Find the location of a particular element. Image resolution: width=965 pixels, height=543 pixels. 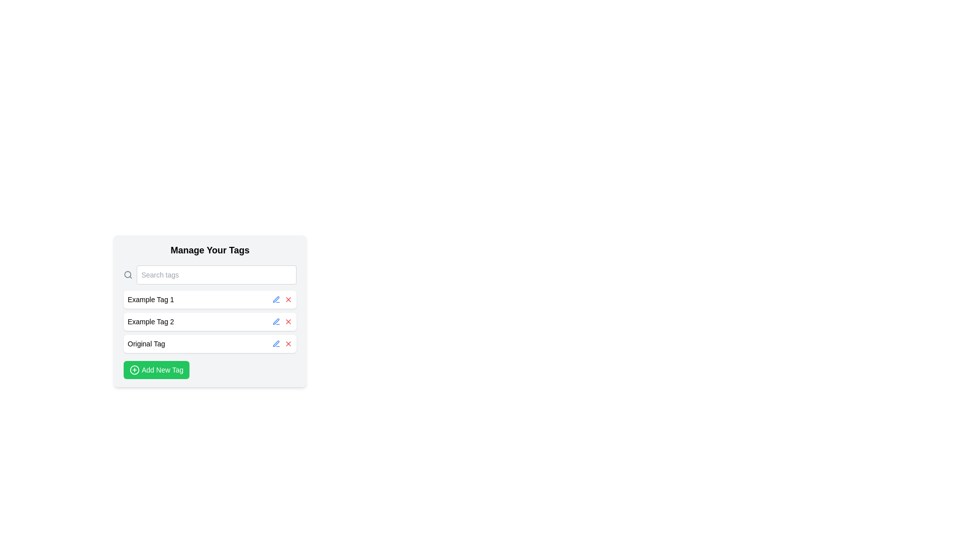

the green rounded rectangular button labeled 'Add New Tag' located at the bottom of the 'Manage Your Tags' panel is located at coordinates (156, 370).